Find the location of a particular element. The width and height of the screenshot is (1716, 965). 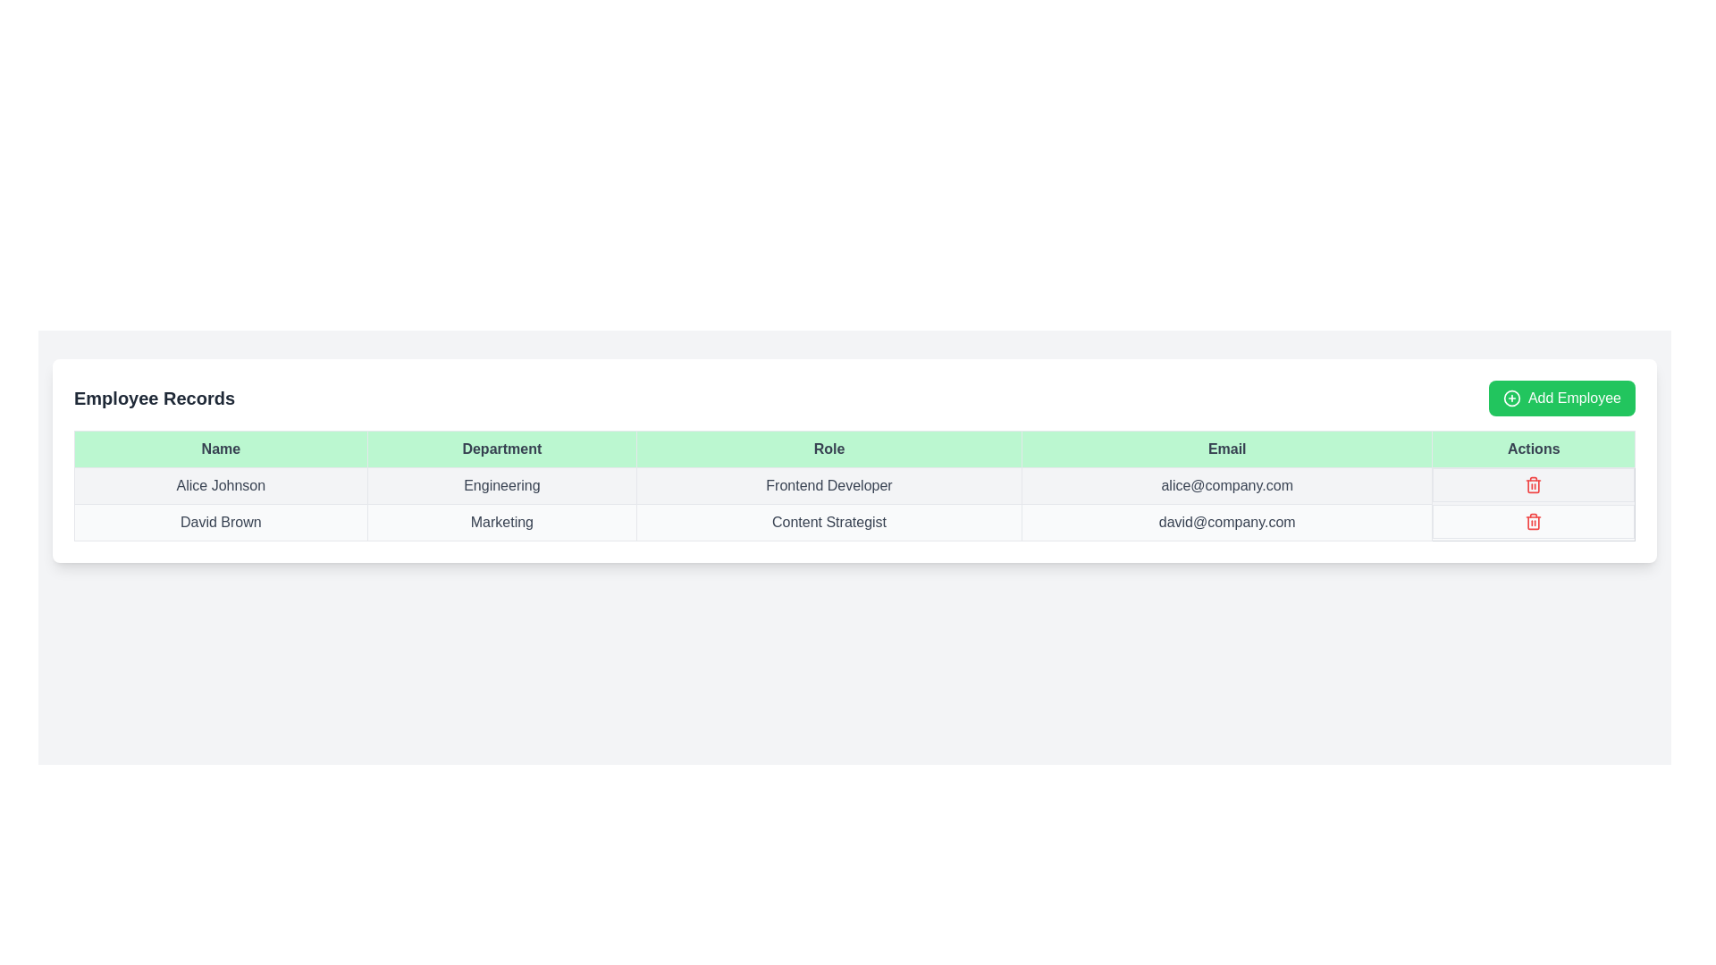

the button located in the top-right corner of the 'Employee Records' section header is located at coordinates (1560, 398).